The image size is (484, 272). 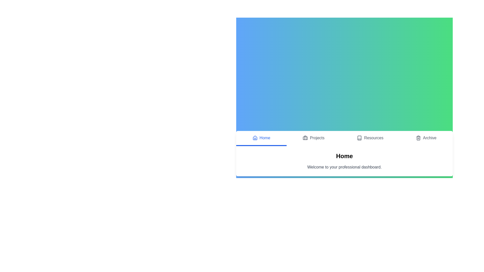 What do you see at coordinates (261, 139) in the screenshot?
I see `the Home tab` at bounding box center [261, 139].